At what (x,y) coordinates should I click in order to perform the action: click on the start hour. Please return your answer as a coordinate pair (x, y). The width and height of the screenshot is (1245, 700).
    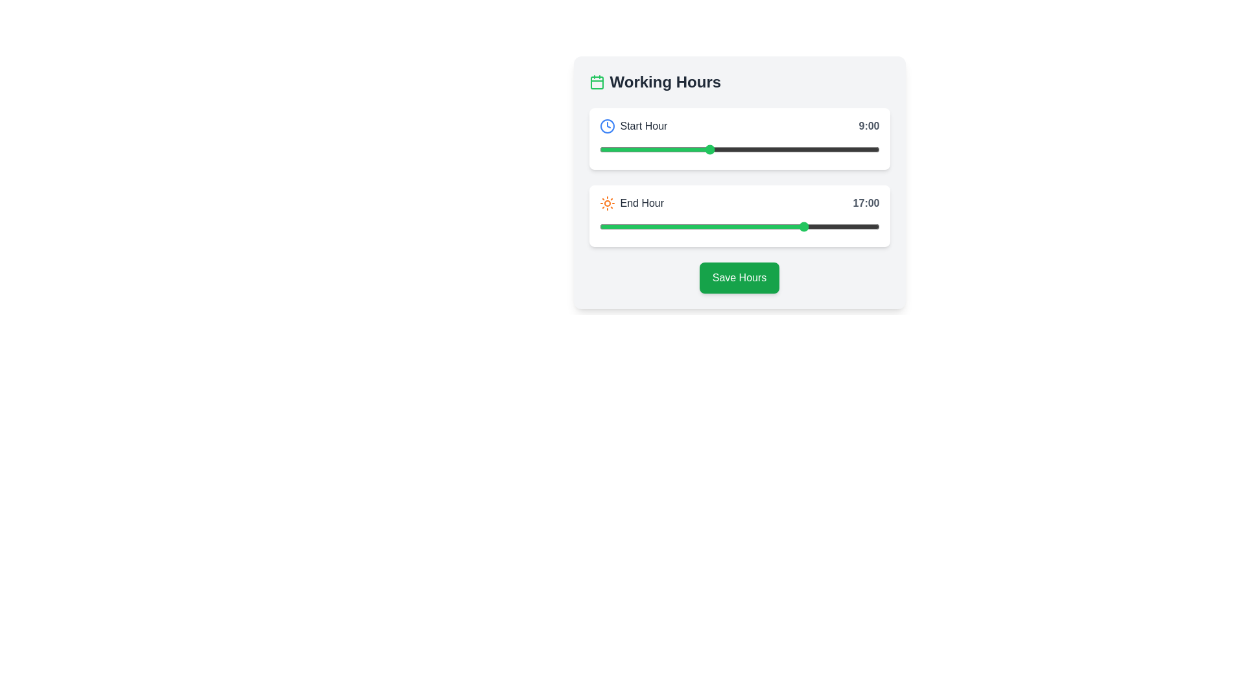
    Looking at the image, I should click on (684, 149).